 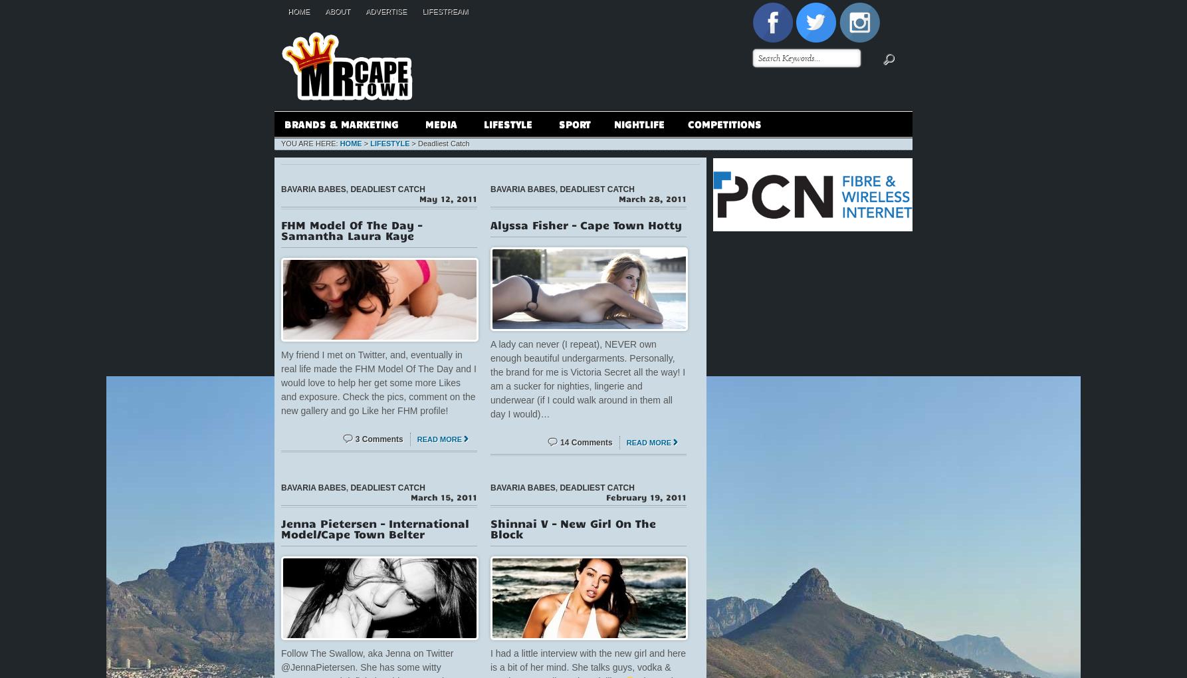 I want to click on 'Media', so click(x=425, y=123).